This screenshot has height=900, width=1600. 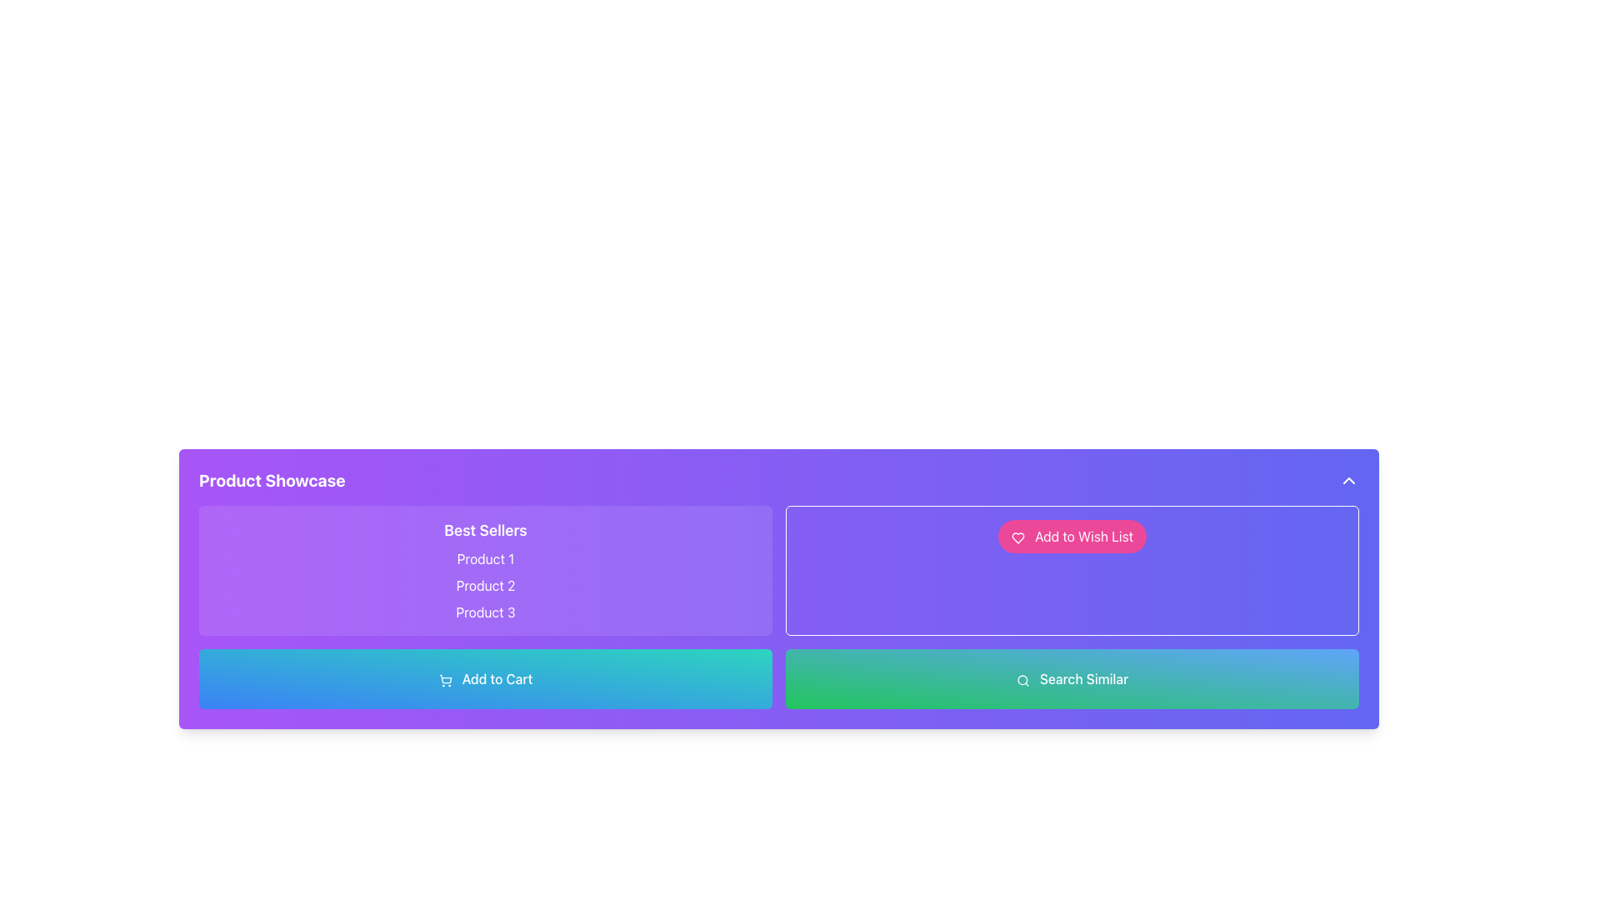 What do you see at coordinates (1017, 537) in the screenshot?
I see `the heart icon styled with the 'lucide-heart' class located to the left of the 'Add to Wish List' button` at bounding box center [1017, 537].